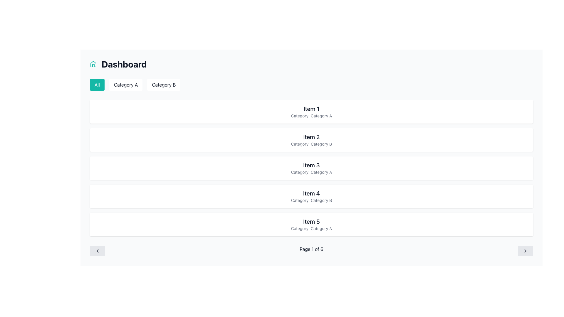 This screenshot has height=317, width=564. I want to click on the bold text label reading 'Item 2', so click(311, 137).